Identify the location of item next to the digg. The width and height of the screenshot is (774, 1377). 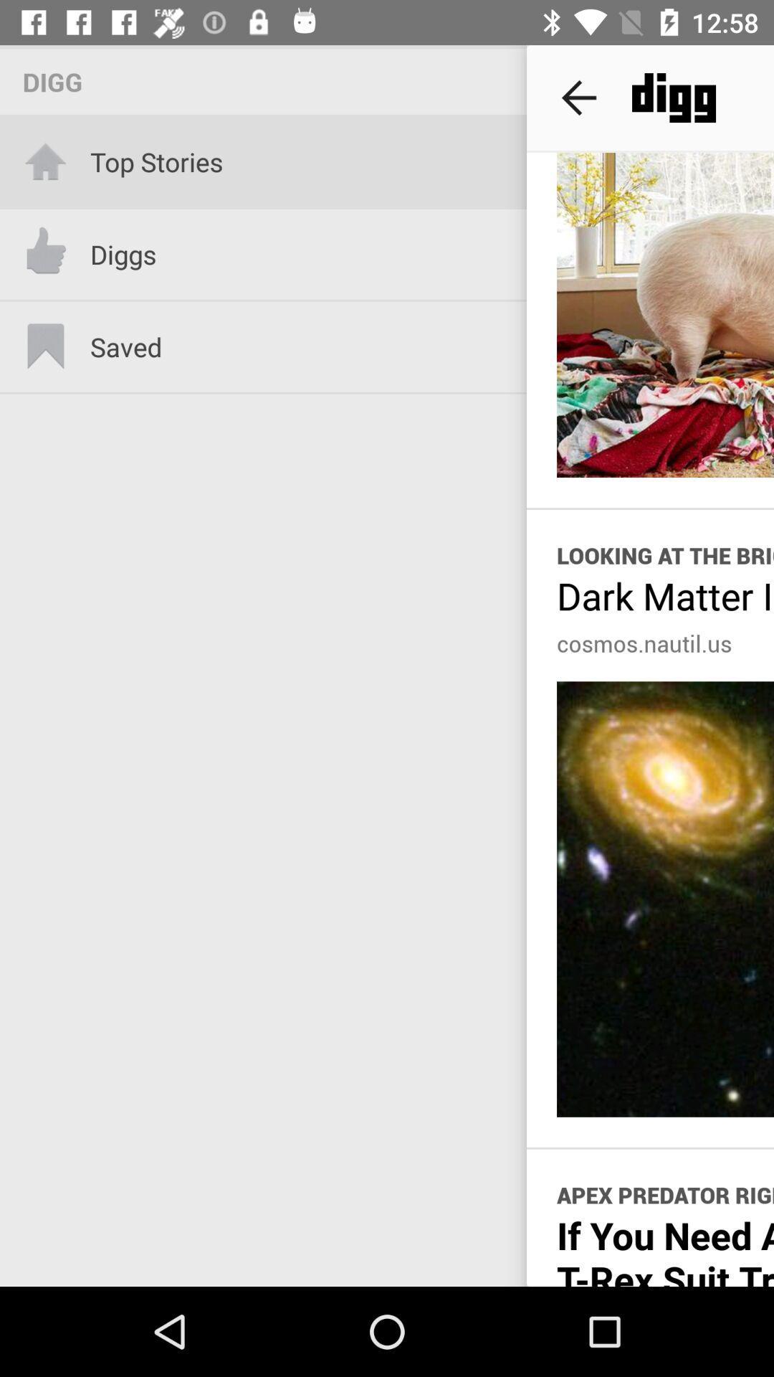
(578, 97).